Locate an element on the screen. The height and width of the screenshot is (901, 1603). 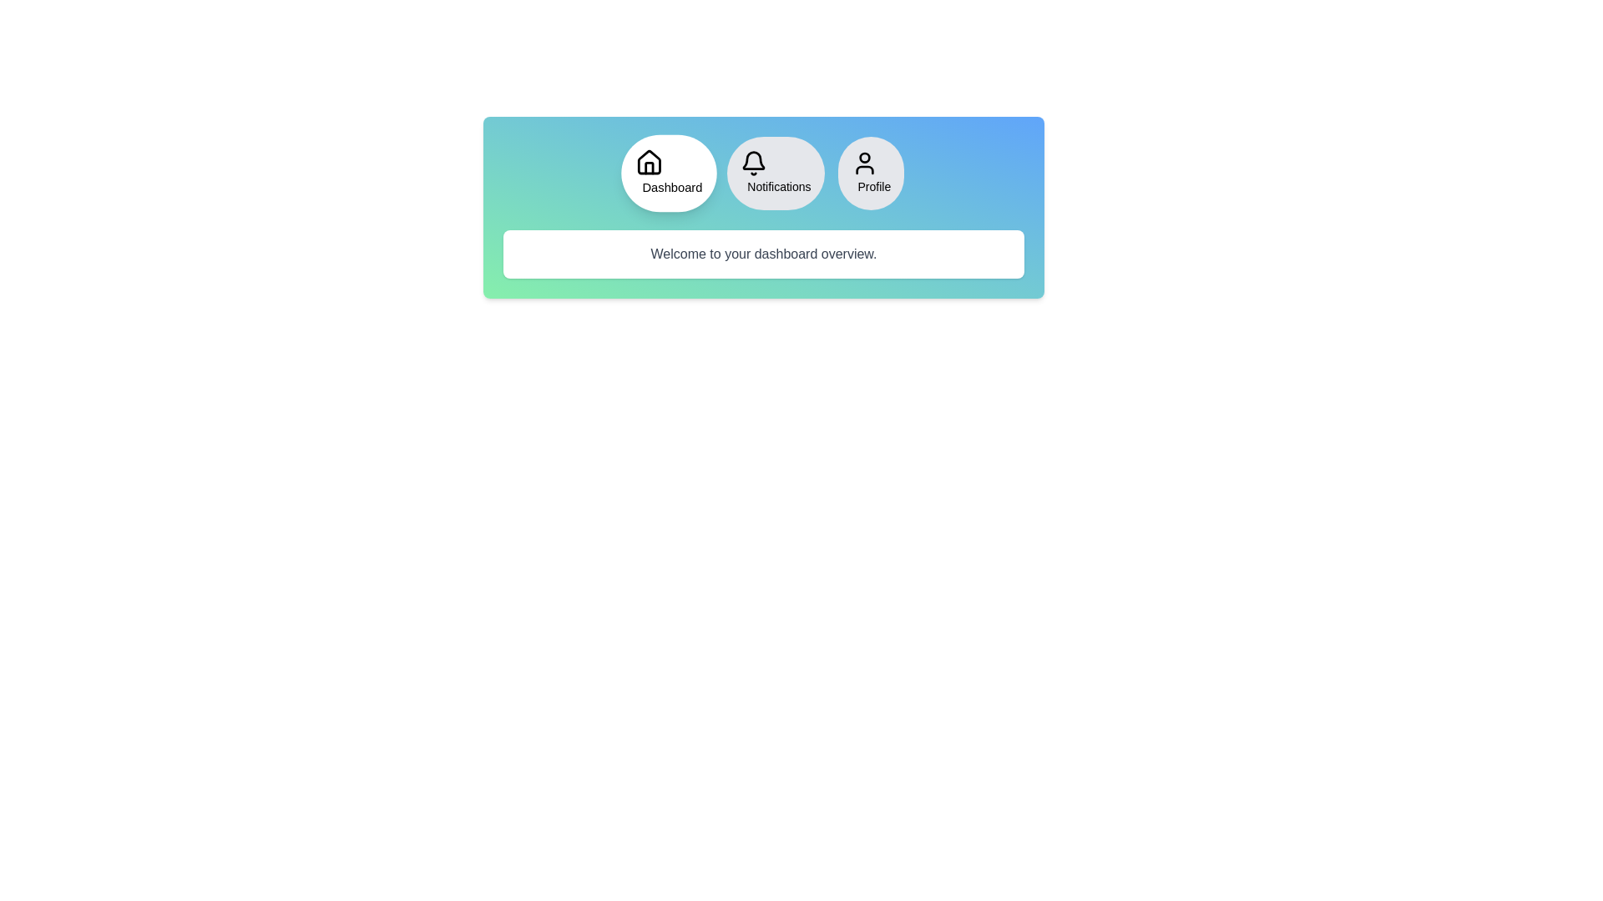
the Dashboard tab to switch to its content is located at coordinates (669, 174).